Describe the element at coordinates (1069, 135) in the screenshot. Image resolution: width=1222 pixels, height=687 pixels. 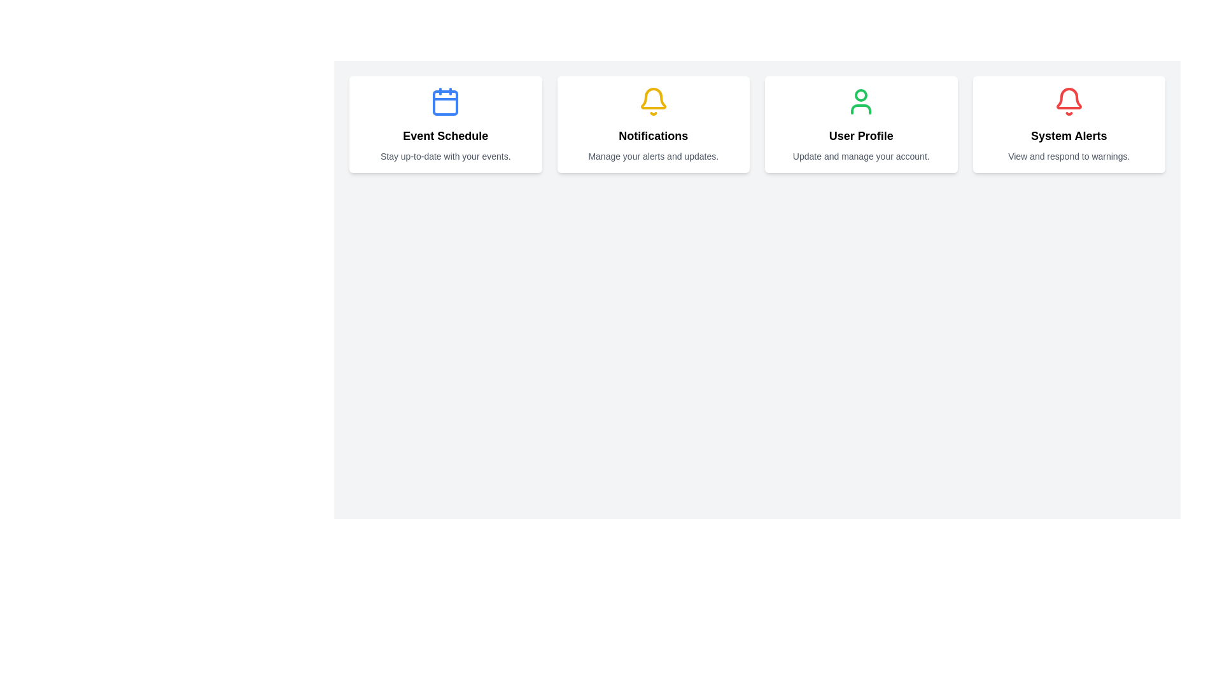
I see `title text label in the fourth card that summarizes system alerts, positioned below the icon and above the descriptive text` at that location.